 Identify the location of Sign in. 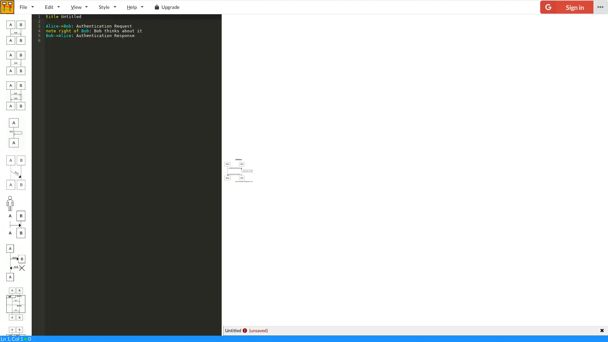
(567, 7).